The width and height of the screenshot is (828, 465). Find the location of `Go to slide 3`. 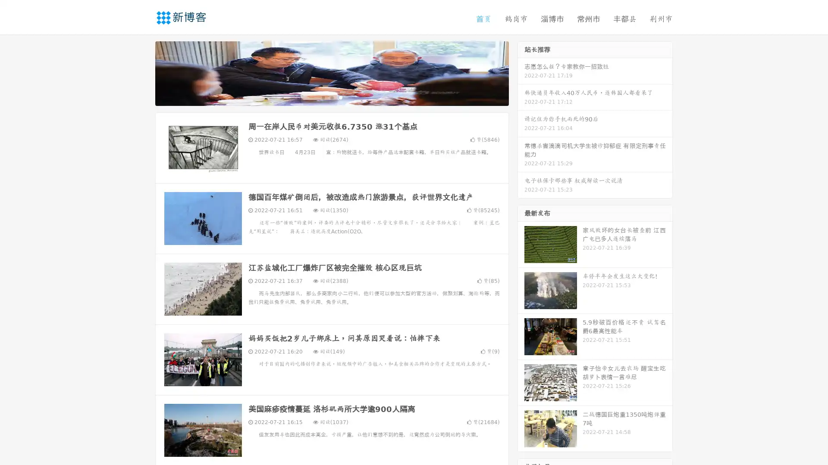

Go to slide 3 is located at coordinates (340, 97).